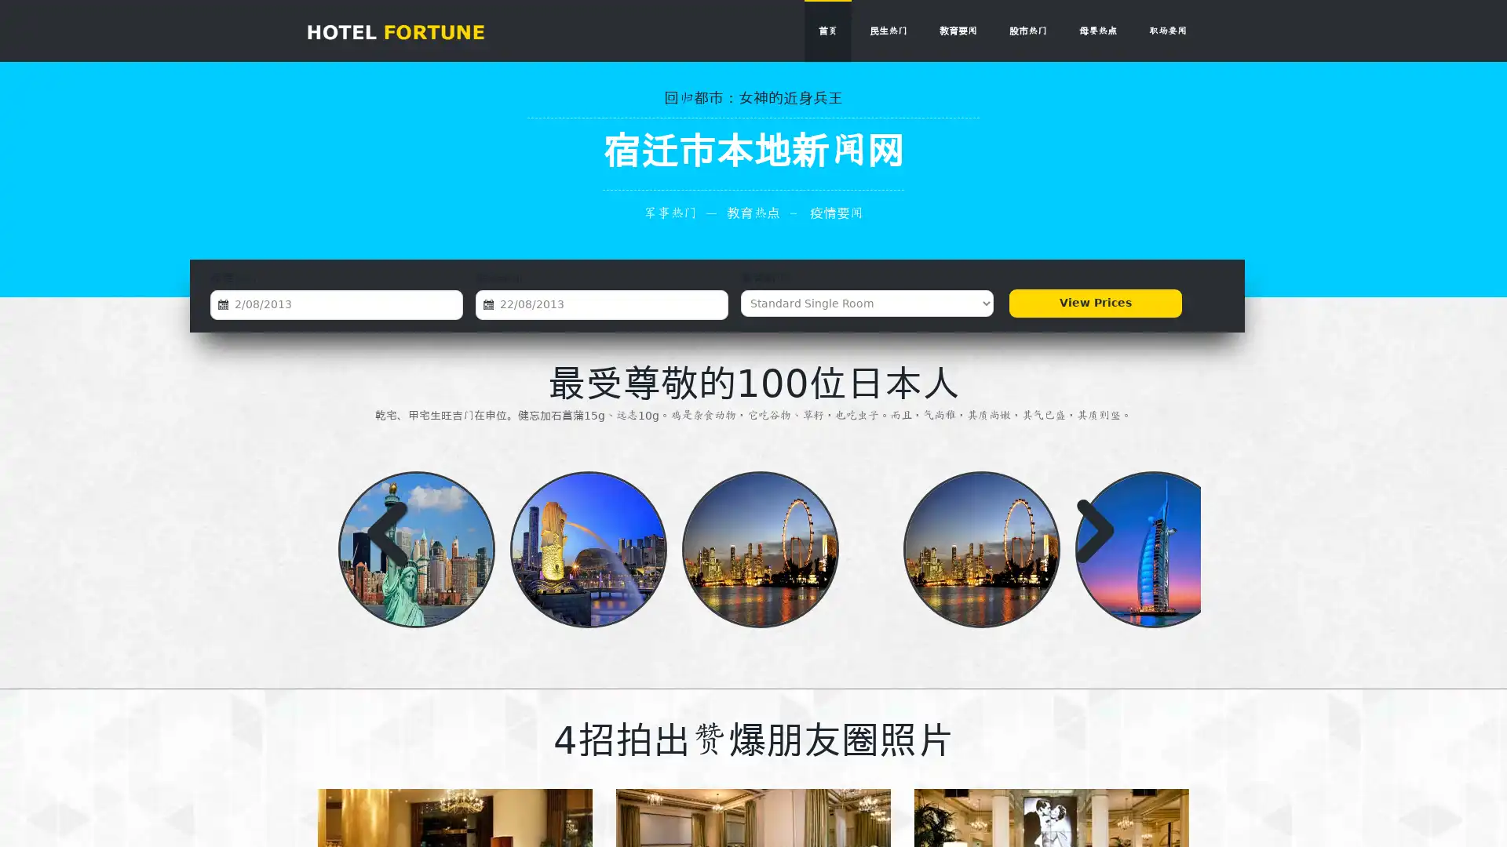 The height and width of the screenshot is (847, 1507). I want to click on View Prices, so click(1094, 303).